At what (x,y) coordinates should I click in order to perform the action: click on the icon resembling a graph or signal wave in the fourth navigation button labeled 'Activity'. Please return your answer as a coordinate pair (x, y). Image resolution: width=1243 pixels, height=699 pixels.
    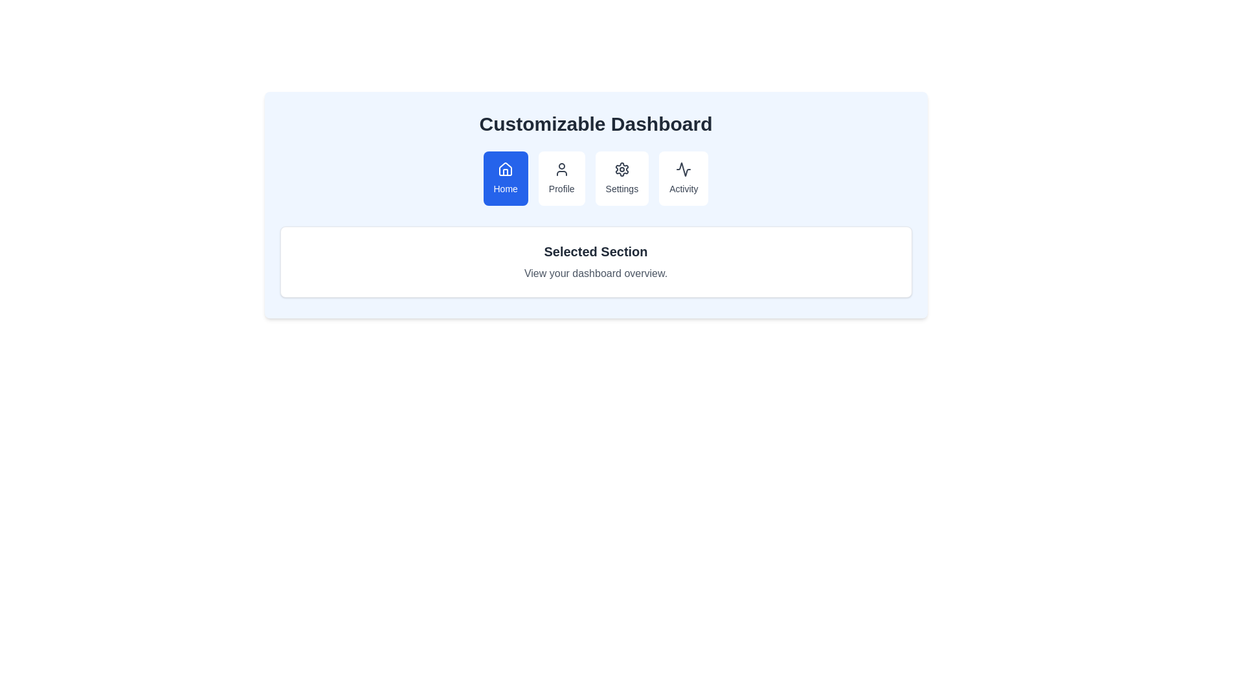
    Looking at the image, I should click on (683, 169).